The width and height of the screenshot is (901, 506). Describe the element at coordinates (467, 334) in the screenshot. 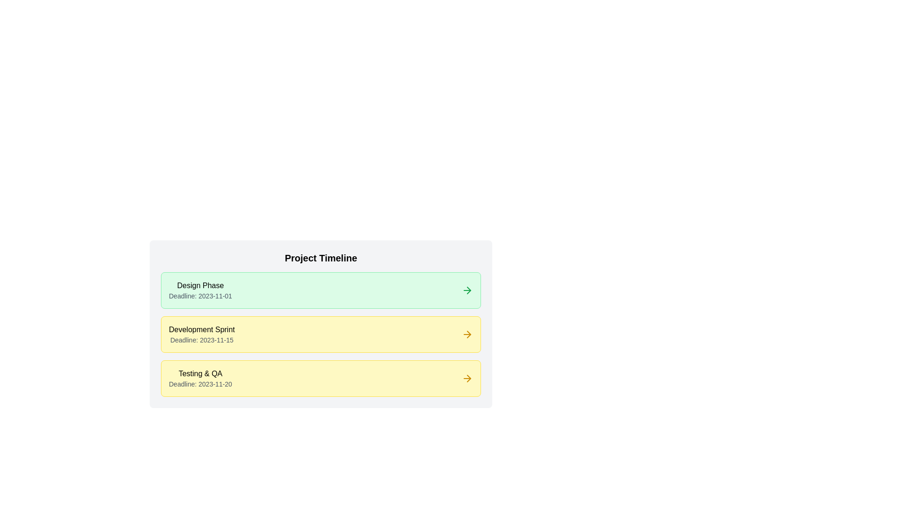

I see `the yellow rightward-pointing arrow icon located to the far right of the 'Development Sprint' row for additional details or feedback` at that location.